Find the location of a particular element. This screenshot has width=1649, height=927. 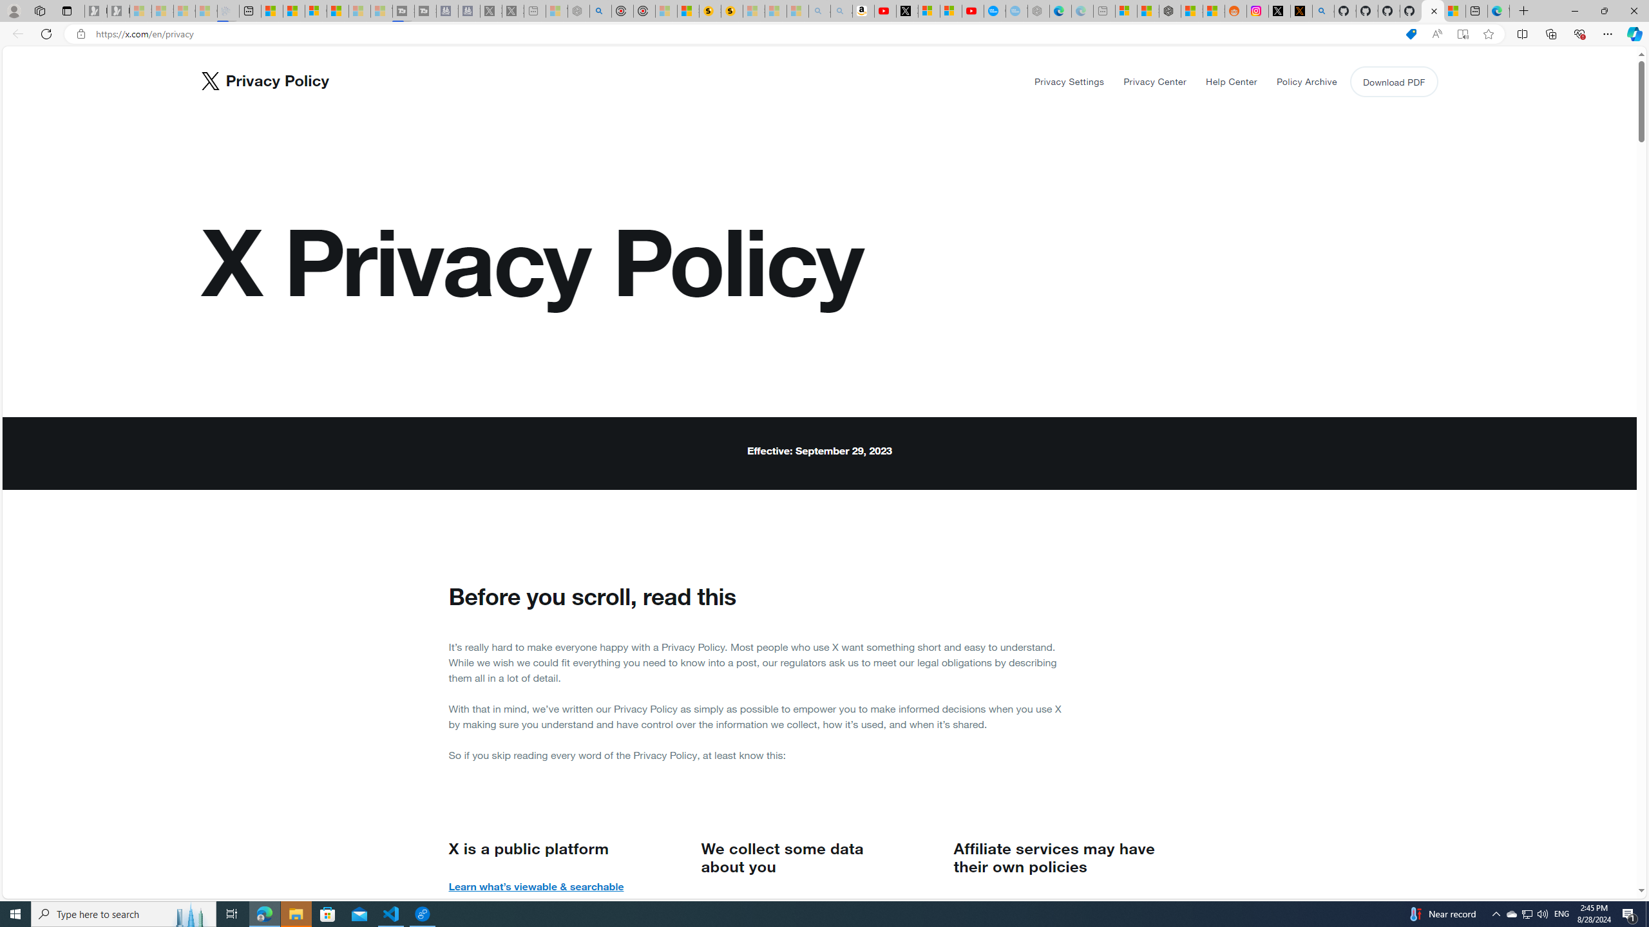

'Policy Archive' is located at coordinates (1306, 81).